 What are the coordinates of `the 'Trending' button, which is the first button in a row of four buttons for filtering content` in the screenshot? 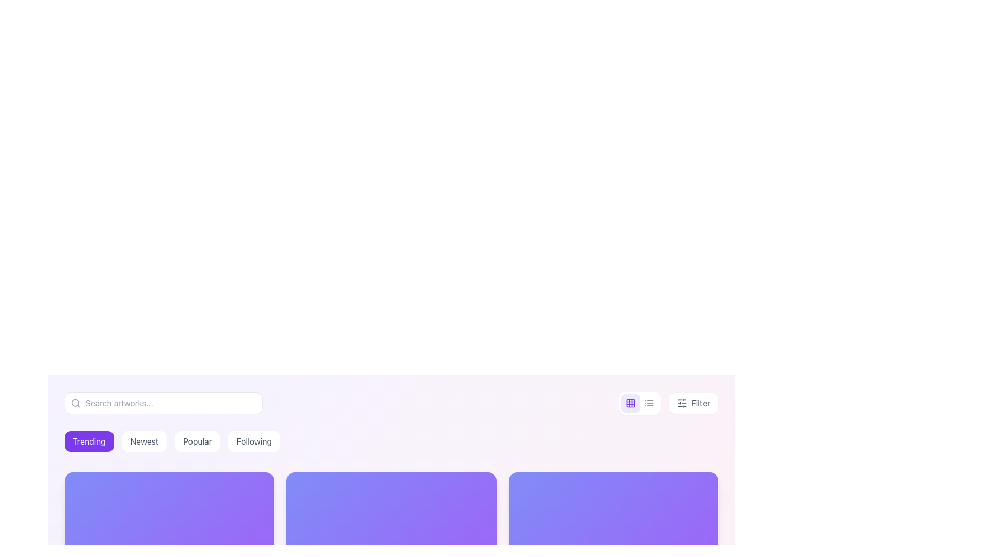 It's located at (89, 441).